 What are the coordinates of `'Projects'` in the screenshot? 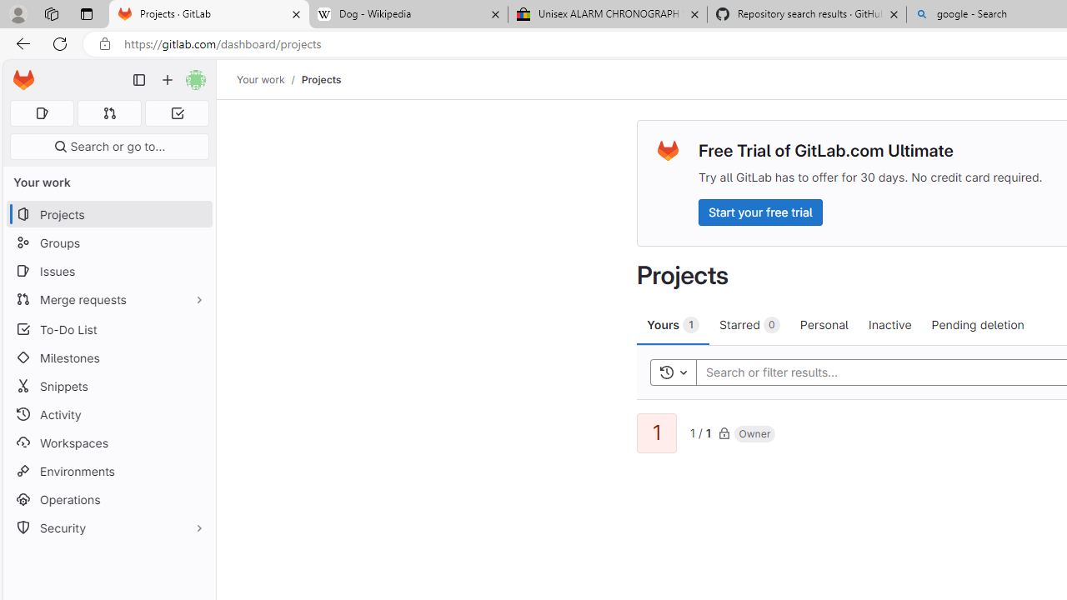 It's located at (321, 79).